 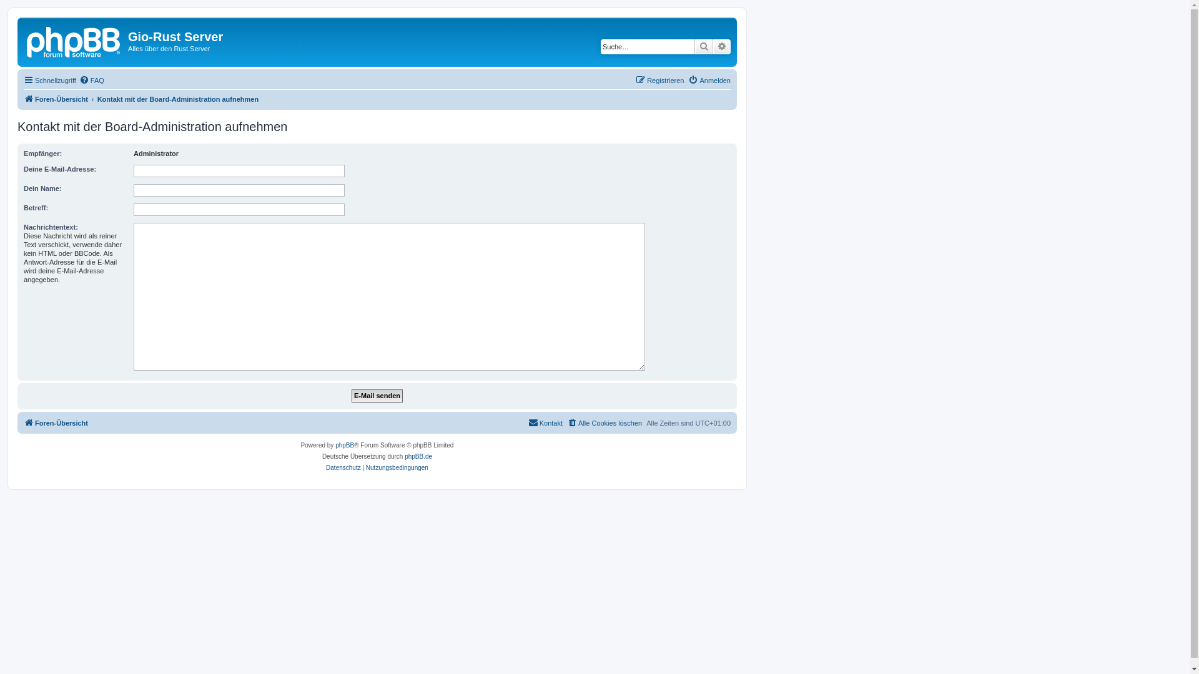 I want to click on 'phpBB.de', so click(x=418, y=457).